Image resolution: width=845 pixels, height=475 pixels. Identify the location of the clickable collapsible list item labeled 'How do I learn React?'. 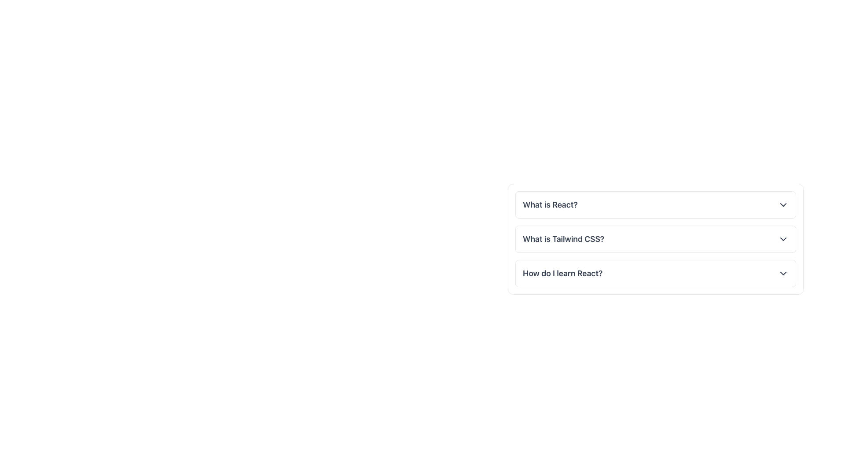
(655, 273).